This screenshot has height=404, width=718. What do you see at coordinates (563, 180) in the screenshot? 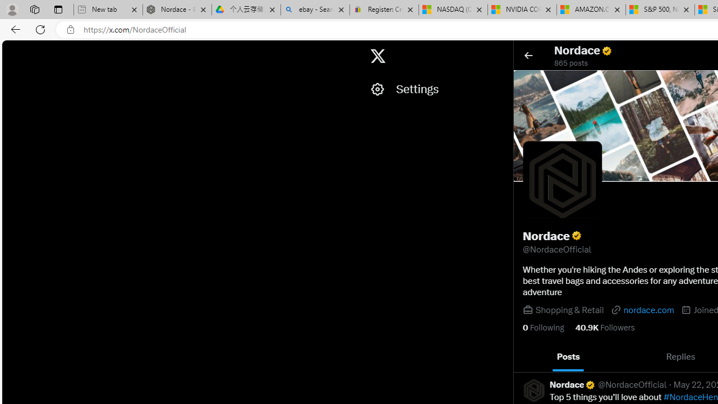
I see `'Square profile picture and Opens profile photo'` at bounding box center [563, 180].